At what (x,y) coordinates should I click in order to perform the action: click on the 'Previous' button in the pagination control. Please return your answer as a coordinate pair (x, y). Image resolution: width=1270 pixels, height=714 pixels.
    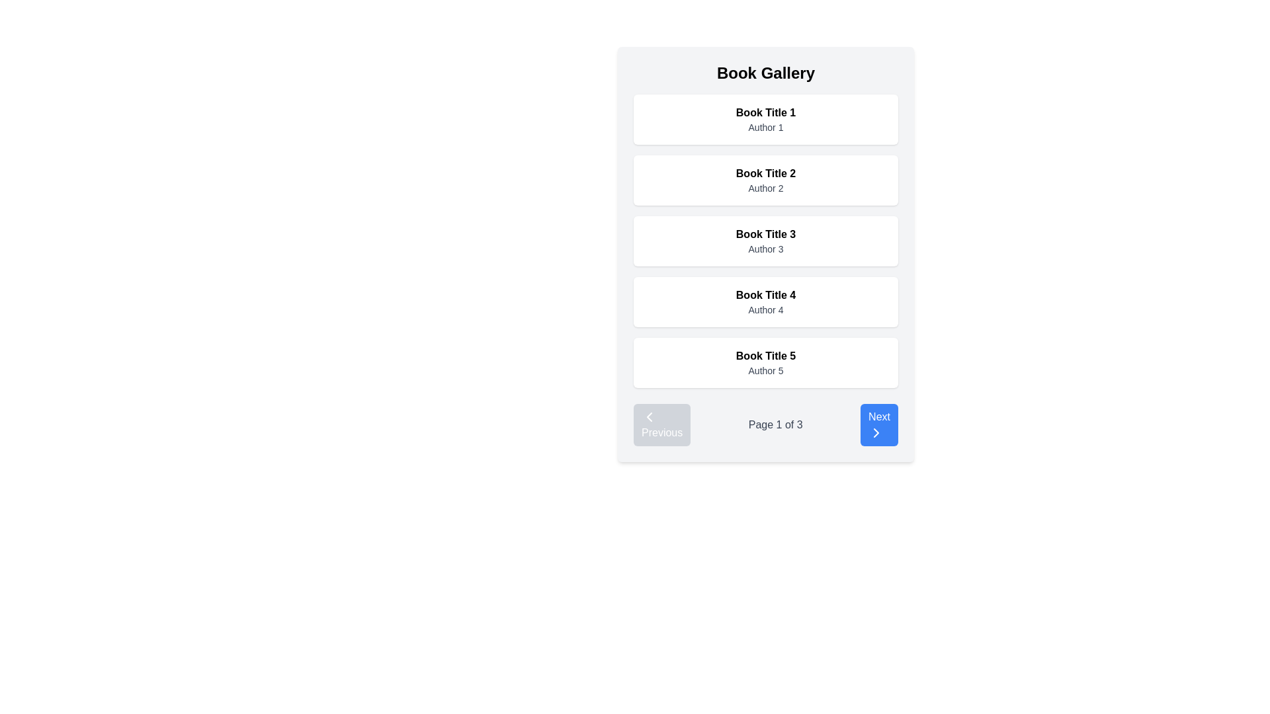
    Looking at the image, I should click on (662, 425).